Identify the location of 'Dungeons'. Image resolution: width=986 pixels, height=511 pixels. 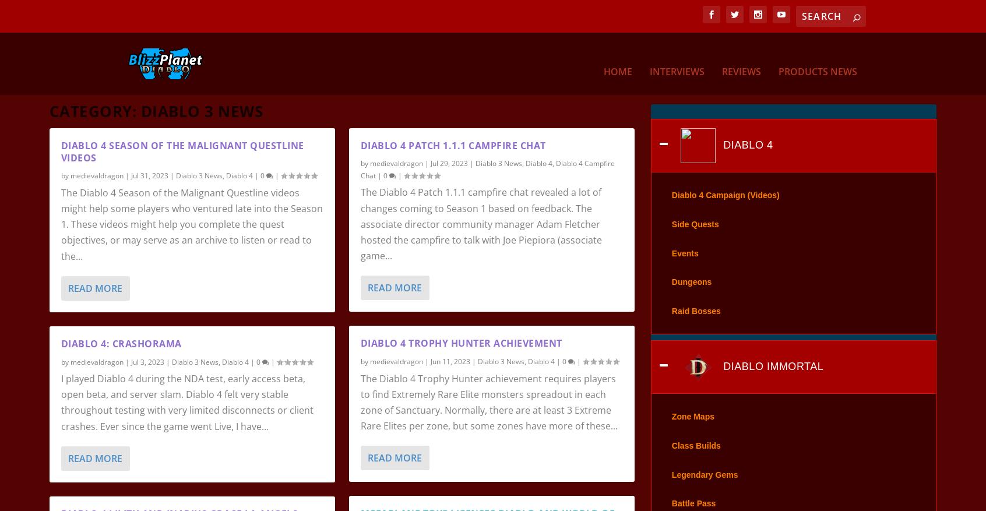
(671, 297).